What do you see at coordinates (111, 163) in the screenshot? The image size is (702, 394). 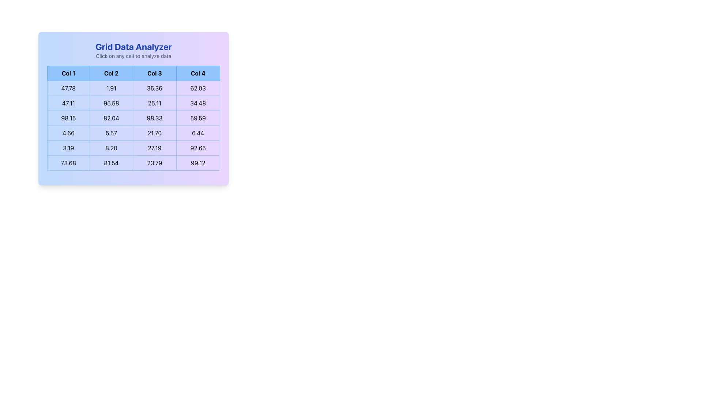 I see `the rectangular text display box containing the text '81.54', which has a light blue border` at bounding box center [111, 163].